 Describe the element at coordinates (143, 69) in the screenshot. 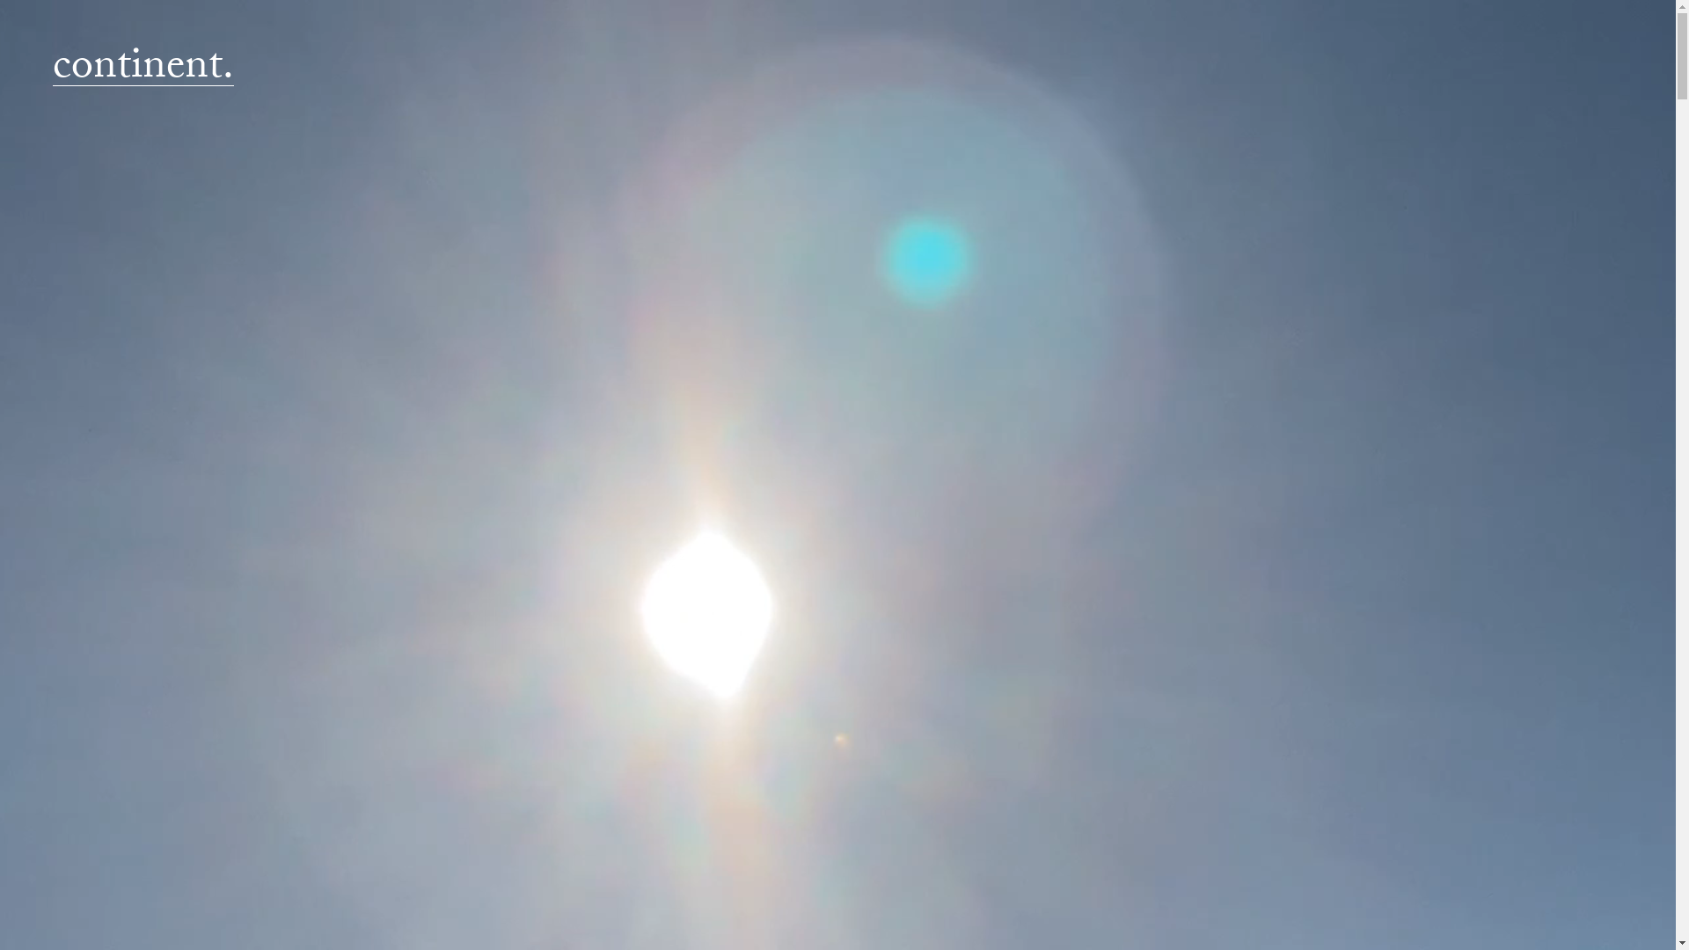

I see `'continent.'` at that location.